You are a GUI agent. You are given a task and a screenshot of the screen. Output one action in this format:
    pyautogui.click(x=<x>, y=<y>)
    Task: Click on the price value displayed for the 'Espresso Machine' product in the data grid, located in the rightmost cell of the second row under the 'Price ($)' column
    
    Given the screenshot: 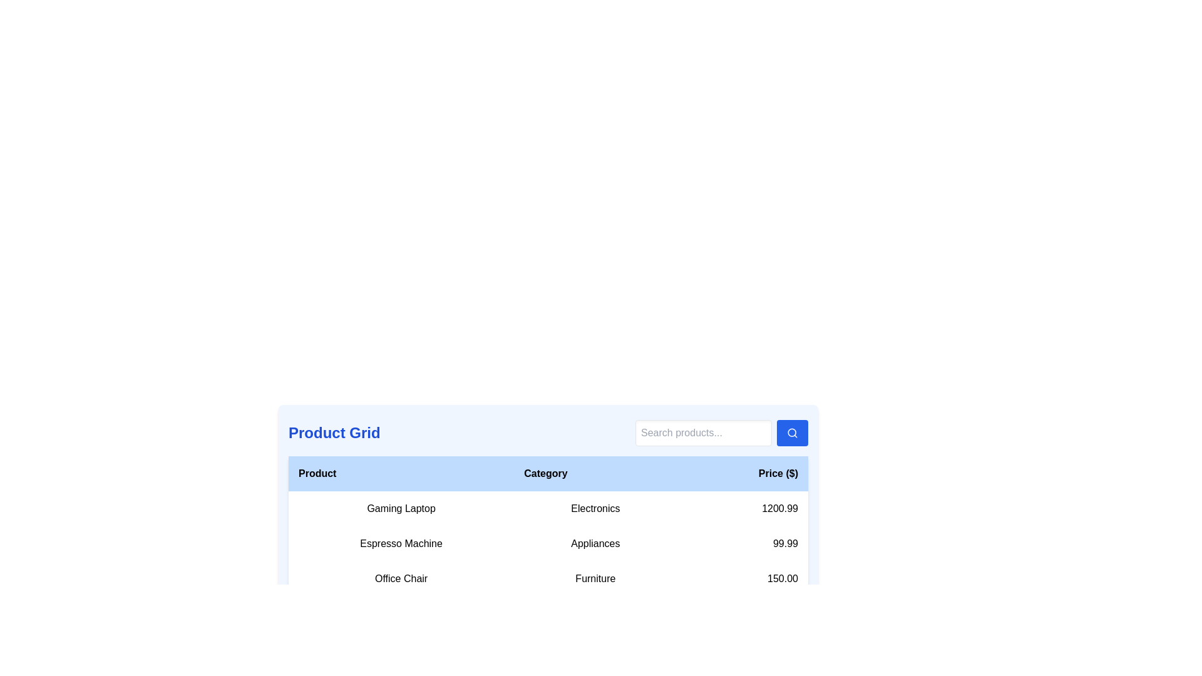 What is the action you would take?
    pyautogui.click(x=742, y=543)
    